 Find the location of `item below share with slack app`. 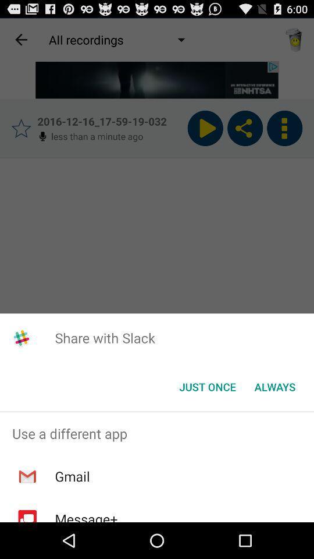

item below share with slack app is located at coordinates (207, 387).